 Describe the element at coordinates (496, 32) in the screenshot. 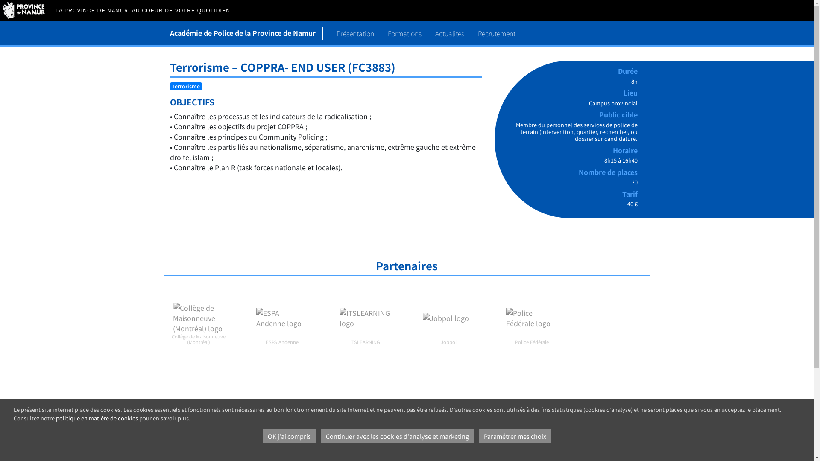

I see `'Recrutement'` at that location.